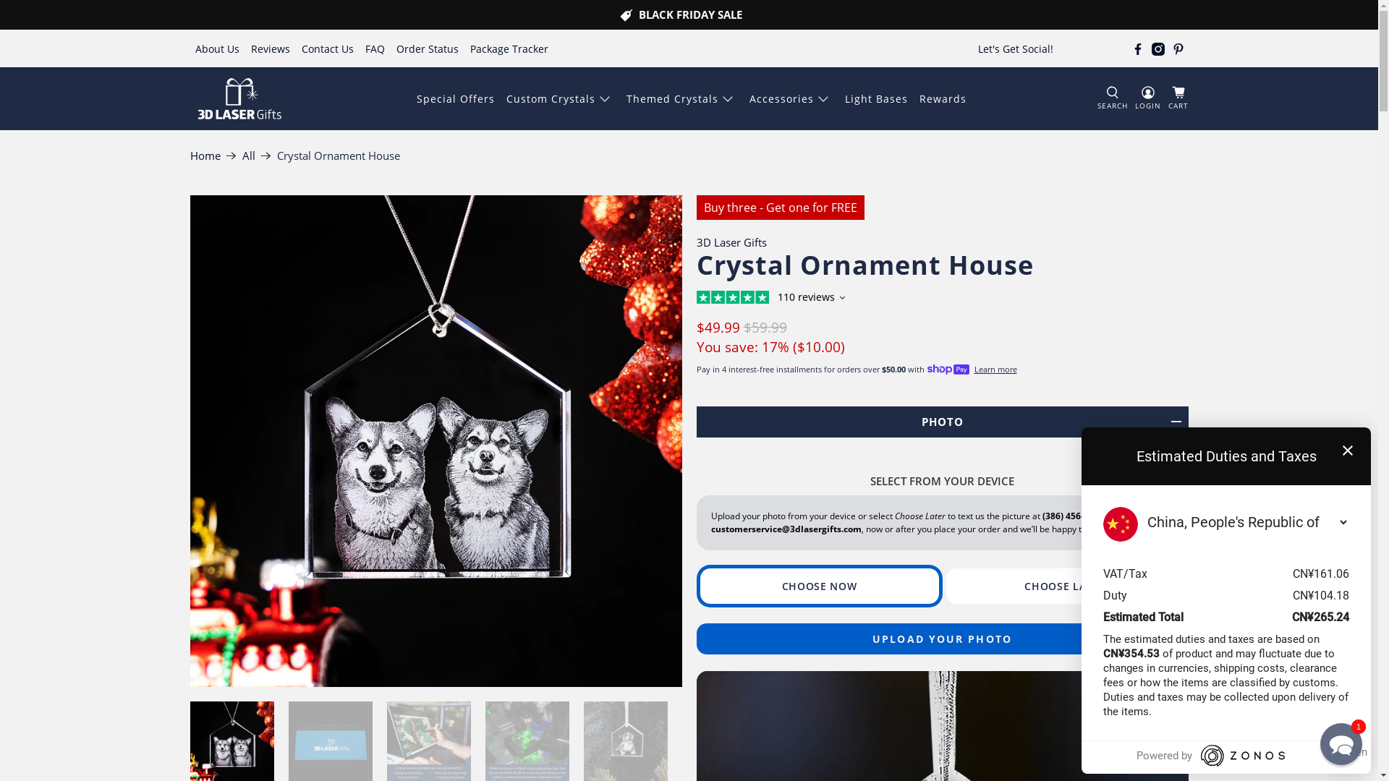 This screenshot has width=1389, height=781. I want to click on 'FAQ', so click(375, 48).